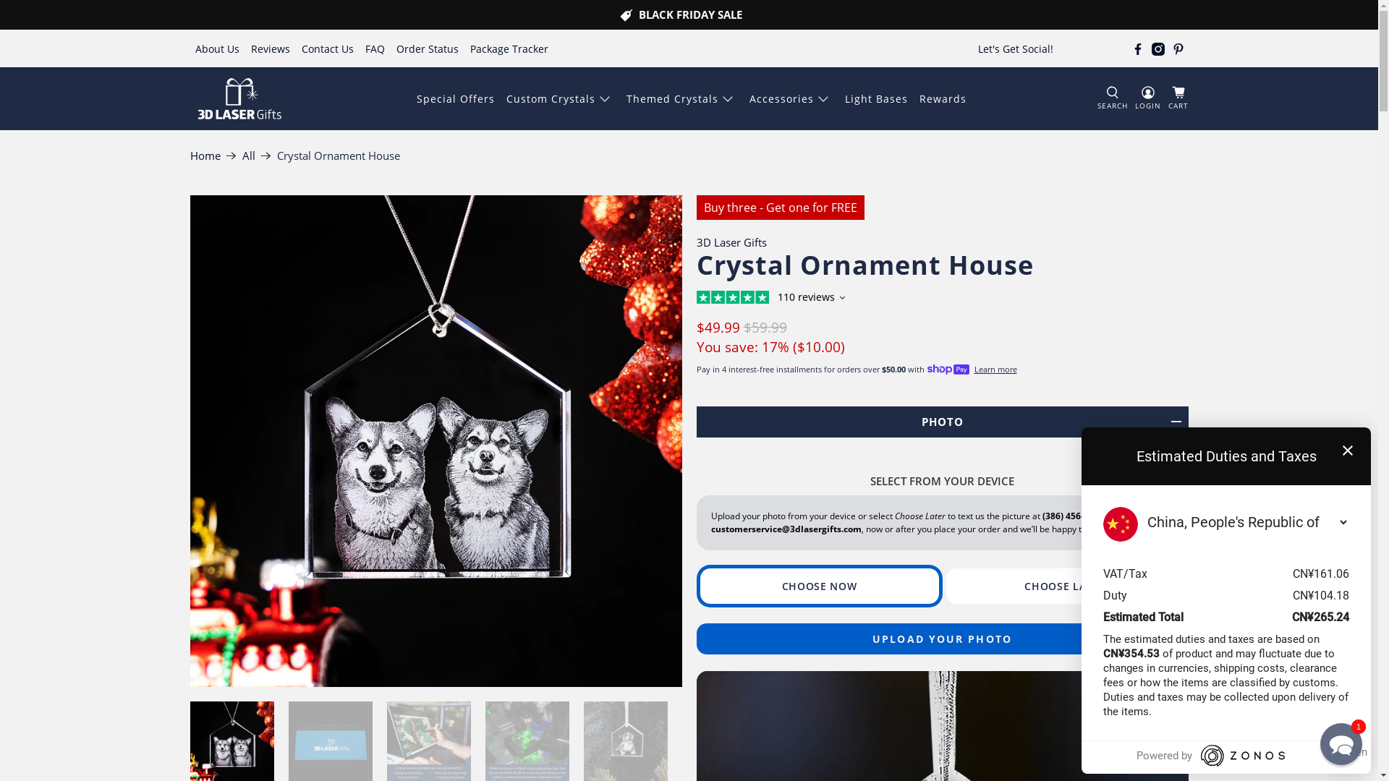 This screenshot has width=1389, height=781. I want to click on 'FAQ', so click(375, 48).